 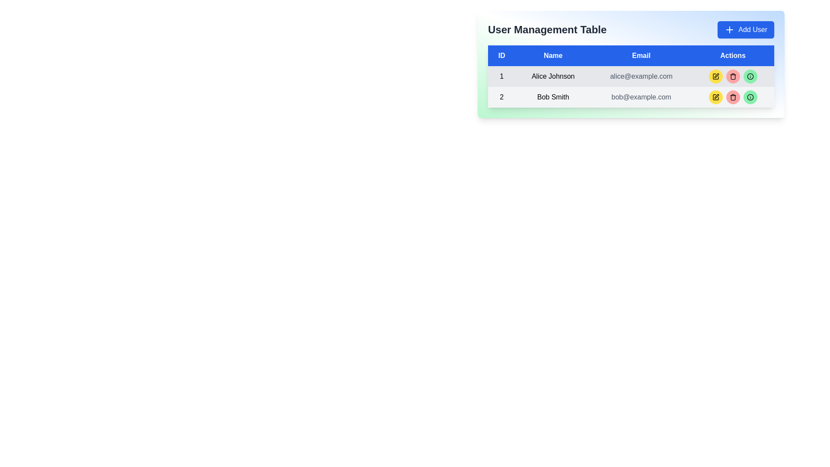 What do you see at coordinates (641, 55) in the screenshot?
I see `text from the 'Email' label, which is a rectangular text component displaying the word 'Email' in white text over a blue background, located centrally within the header area of the table component` at bounding box center [641, 55].